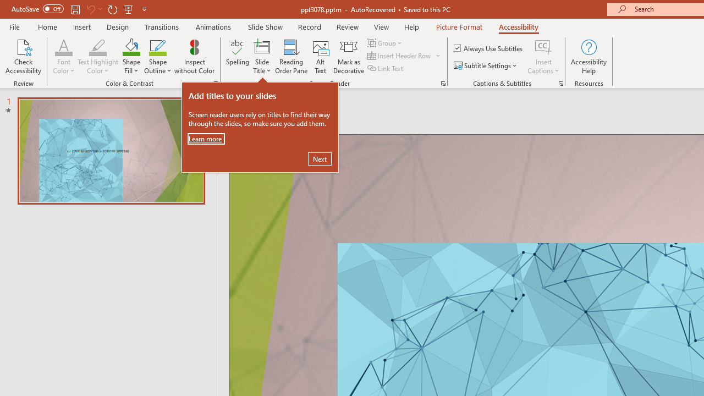  Describe the element at coordinates (261, 46) in the screenshot. I see `'Slide Title'` at that location.